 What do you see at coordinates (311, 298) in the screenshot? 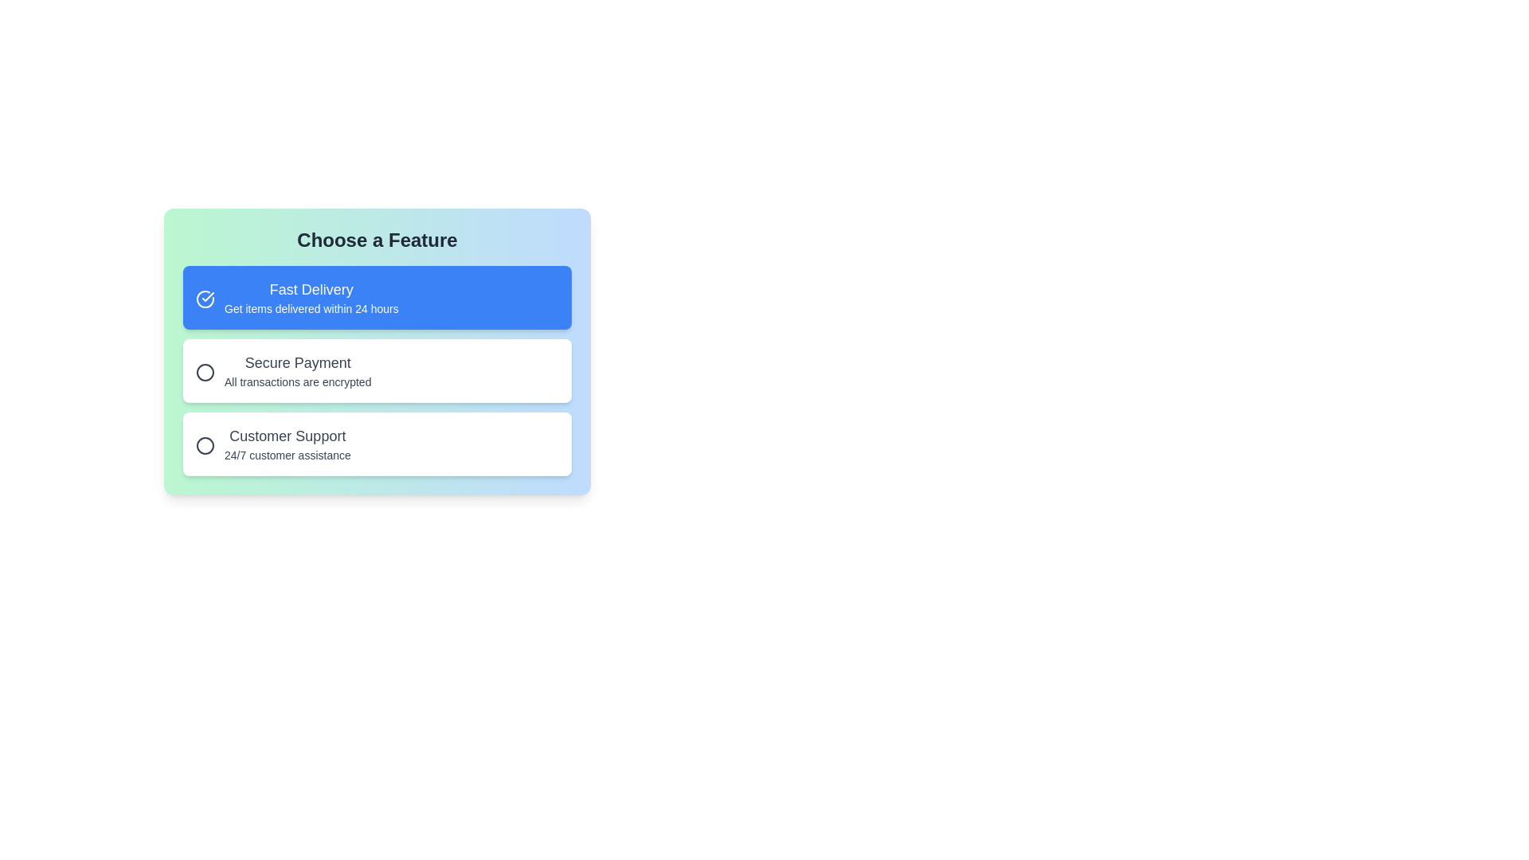
I see `the 'Fast Delivery' text block, which features bold white text on a blue background, located under the 'Choose a Feature' heading` at bounding box center [311, 298].